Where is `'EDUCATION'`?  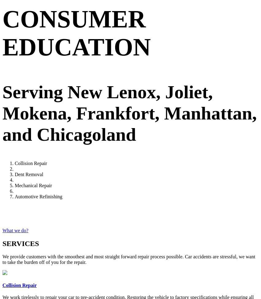
'EDUCATION' is located at coordinates (76, 46).